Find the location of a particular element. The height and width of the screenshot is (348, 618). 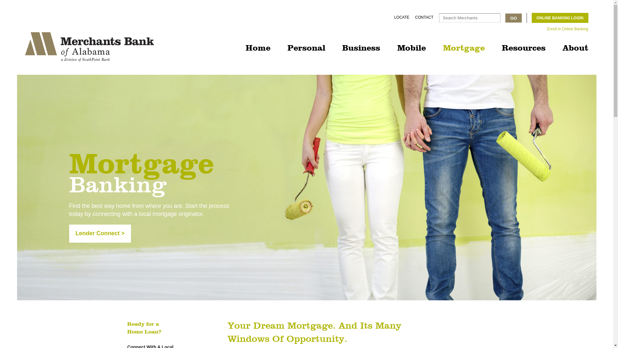

'Resources' is located at coordinates (524, 48).